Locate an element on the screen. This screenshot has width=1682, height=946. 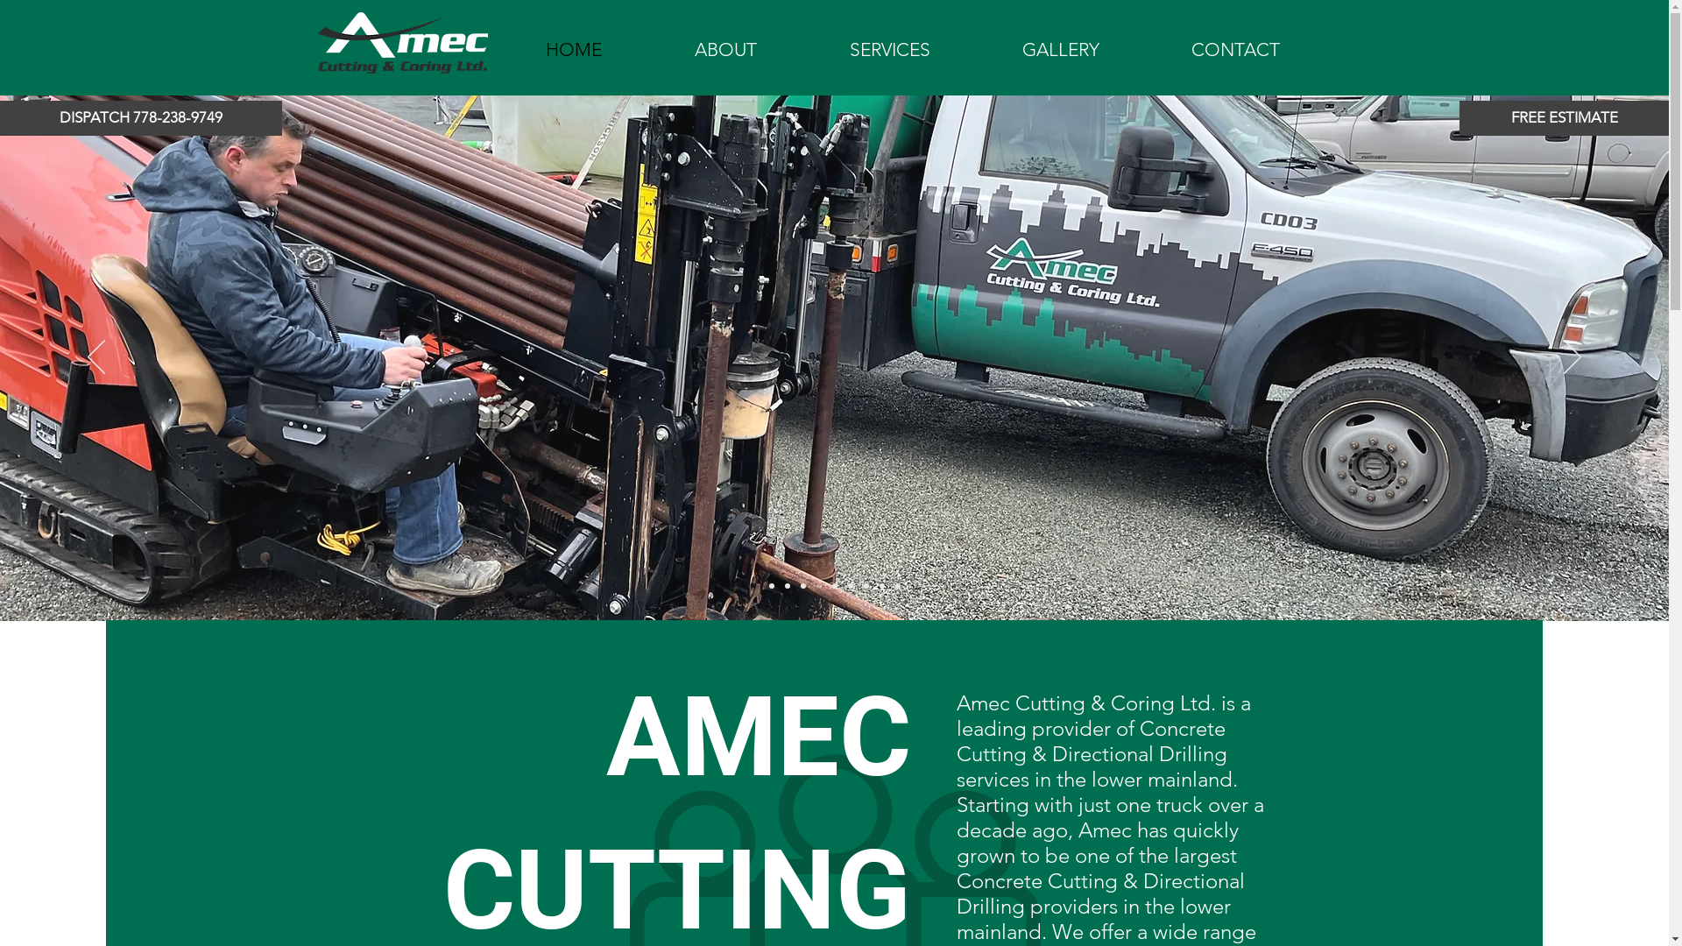
'HOME' is located at coordinates (573, 49).